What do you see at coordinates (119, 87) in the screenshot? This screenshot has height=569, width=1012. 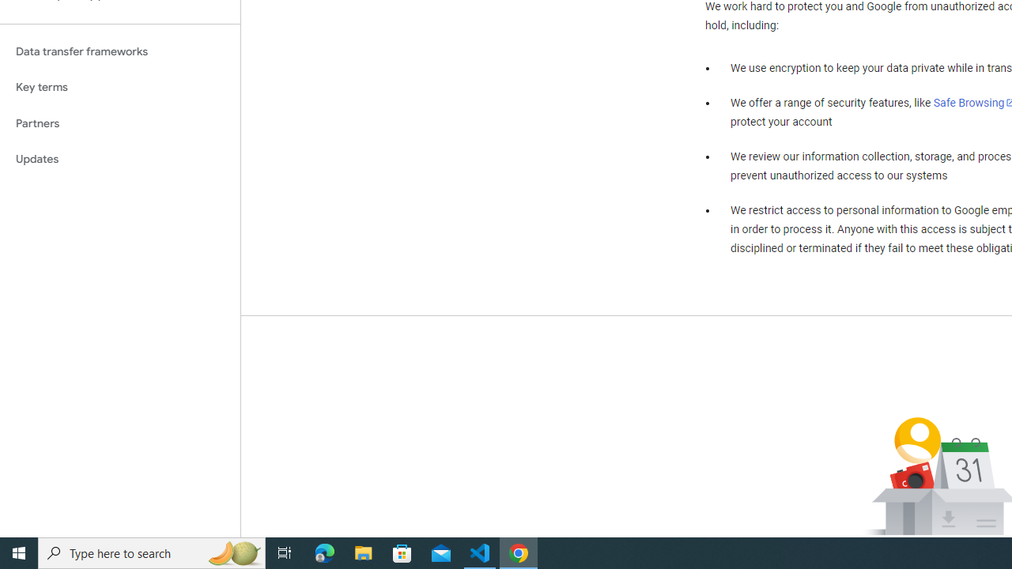 I see `'Key terms'` at bounding box center [119, 87].